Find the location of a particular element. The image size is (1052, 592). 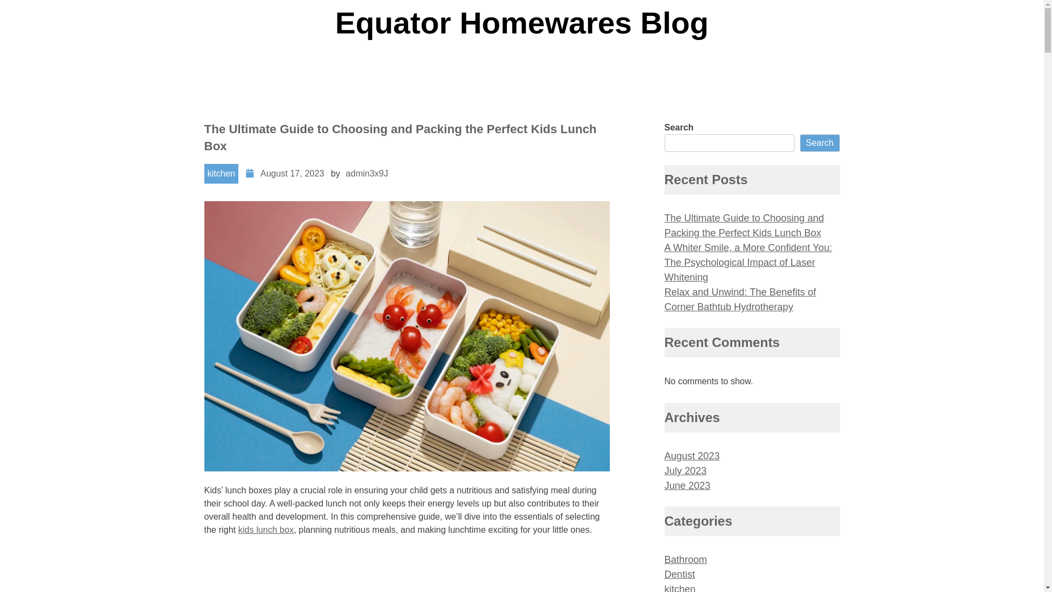

'kids lunch box' is located at coordinates (266, 529).